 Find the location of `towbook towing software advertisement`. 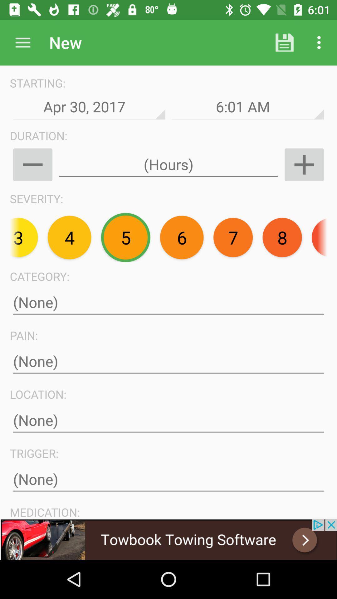

towbook towing software advertisement is located at coordinates (168, 539).